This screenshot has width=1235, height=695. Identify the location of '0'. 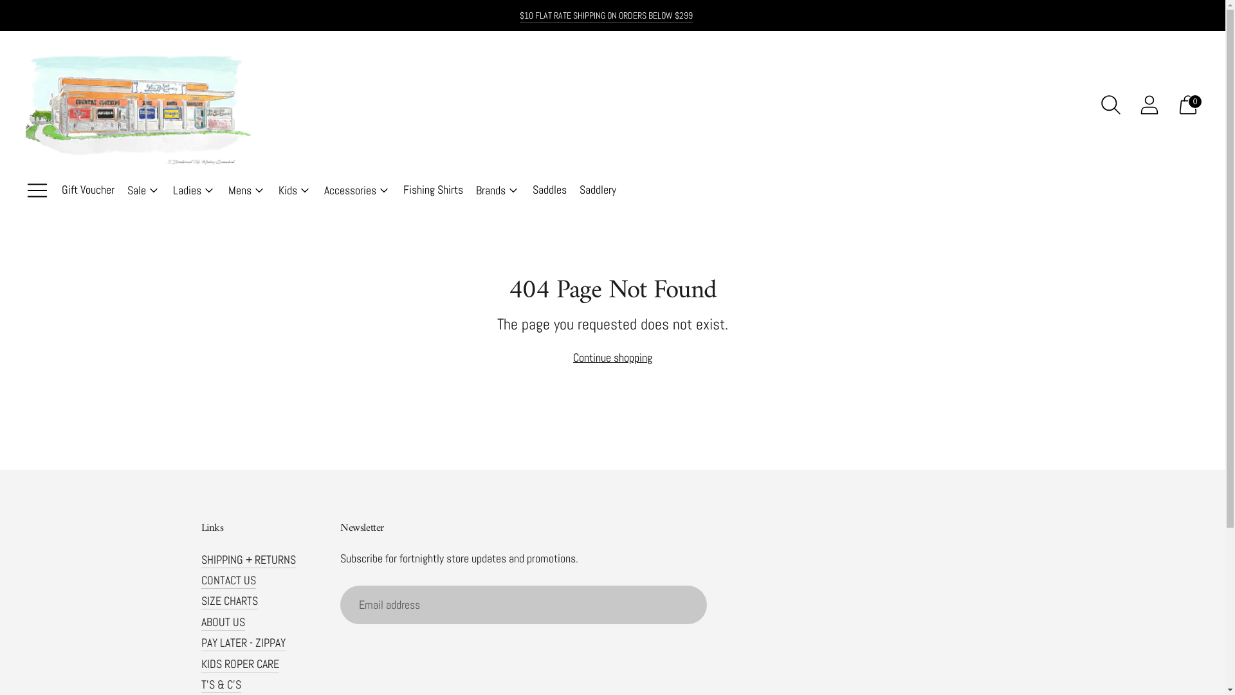
(1187, 104).